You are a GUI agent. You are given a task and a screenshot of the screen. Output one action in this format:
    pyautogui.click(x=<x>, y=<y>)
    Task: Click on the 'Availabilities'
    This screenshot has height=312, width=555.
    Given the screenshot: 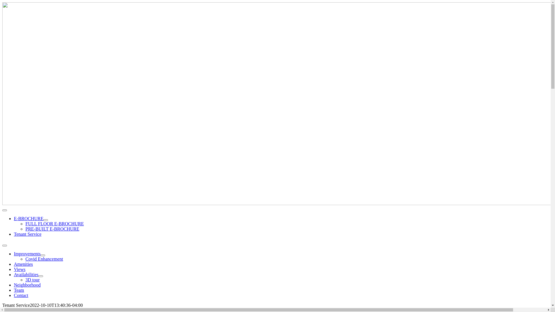 What is the action you would take?
    pyautogui.click(x=26, y=274)
    